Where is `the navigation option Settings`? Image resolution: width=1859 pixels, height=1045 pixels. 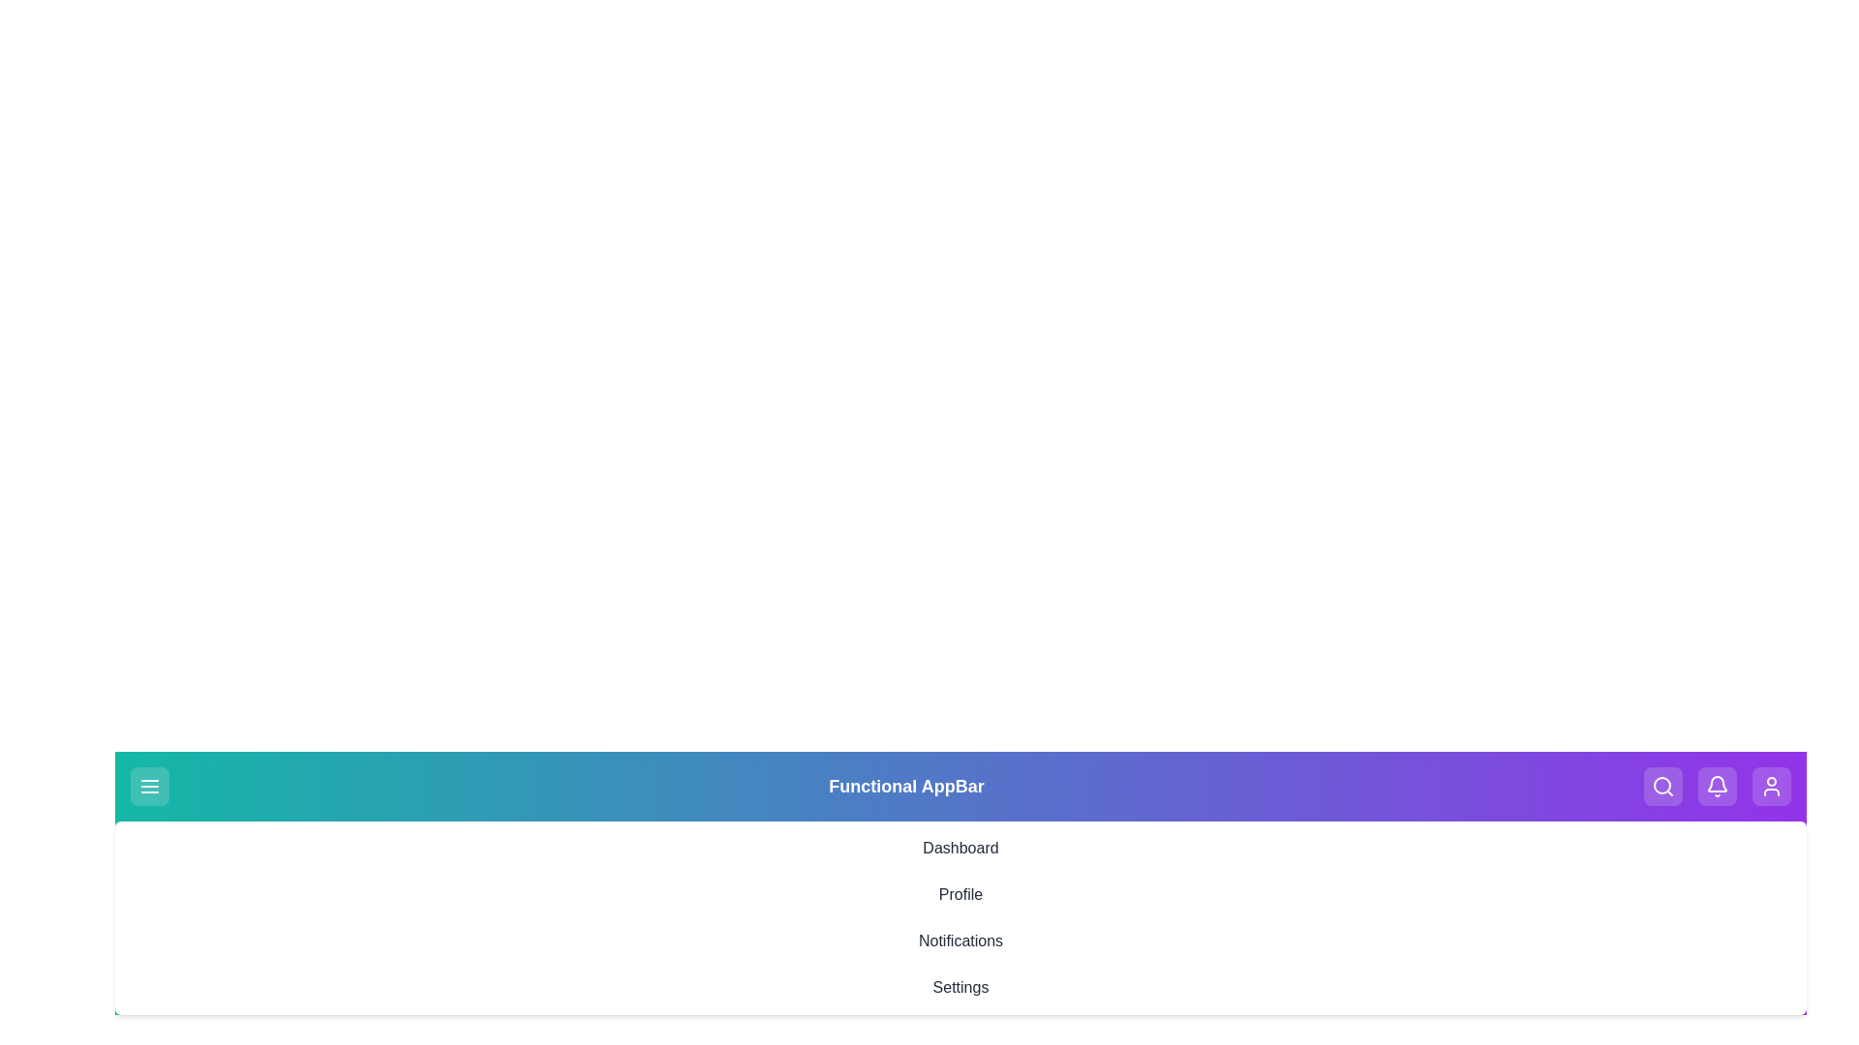 the navigation option Settings is located at coordinates (960, 988).